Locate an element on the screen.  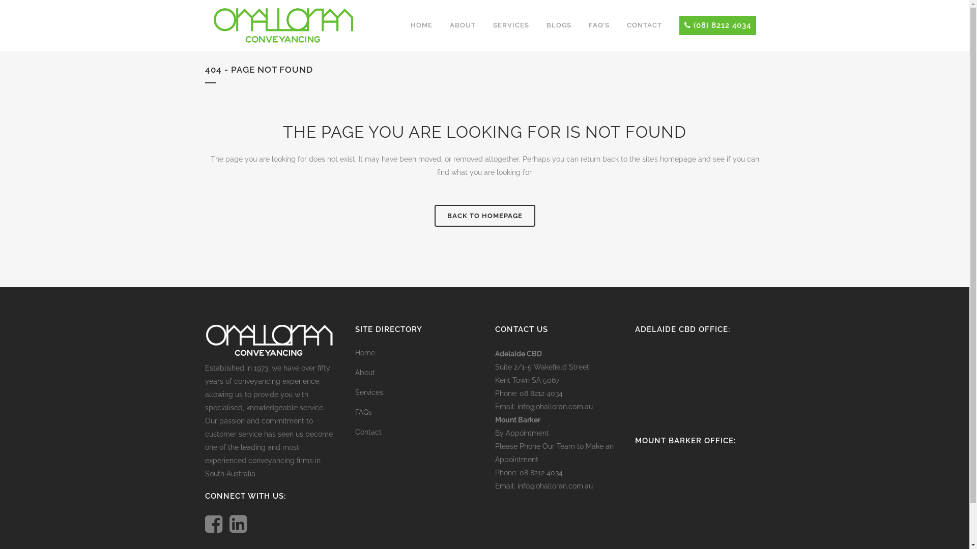
'About' is located at coordinates (417, 372).